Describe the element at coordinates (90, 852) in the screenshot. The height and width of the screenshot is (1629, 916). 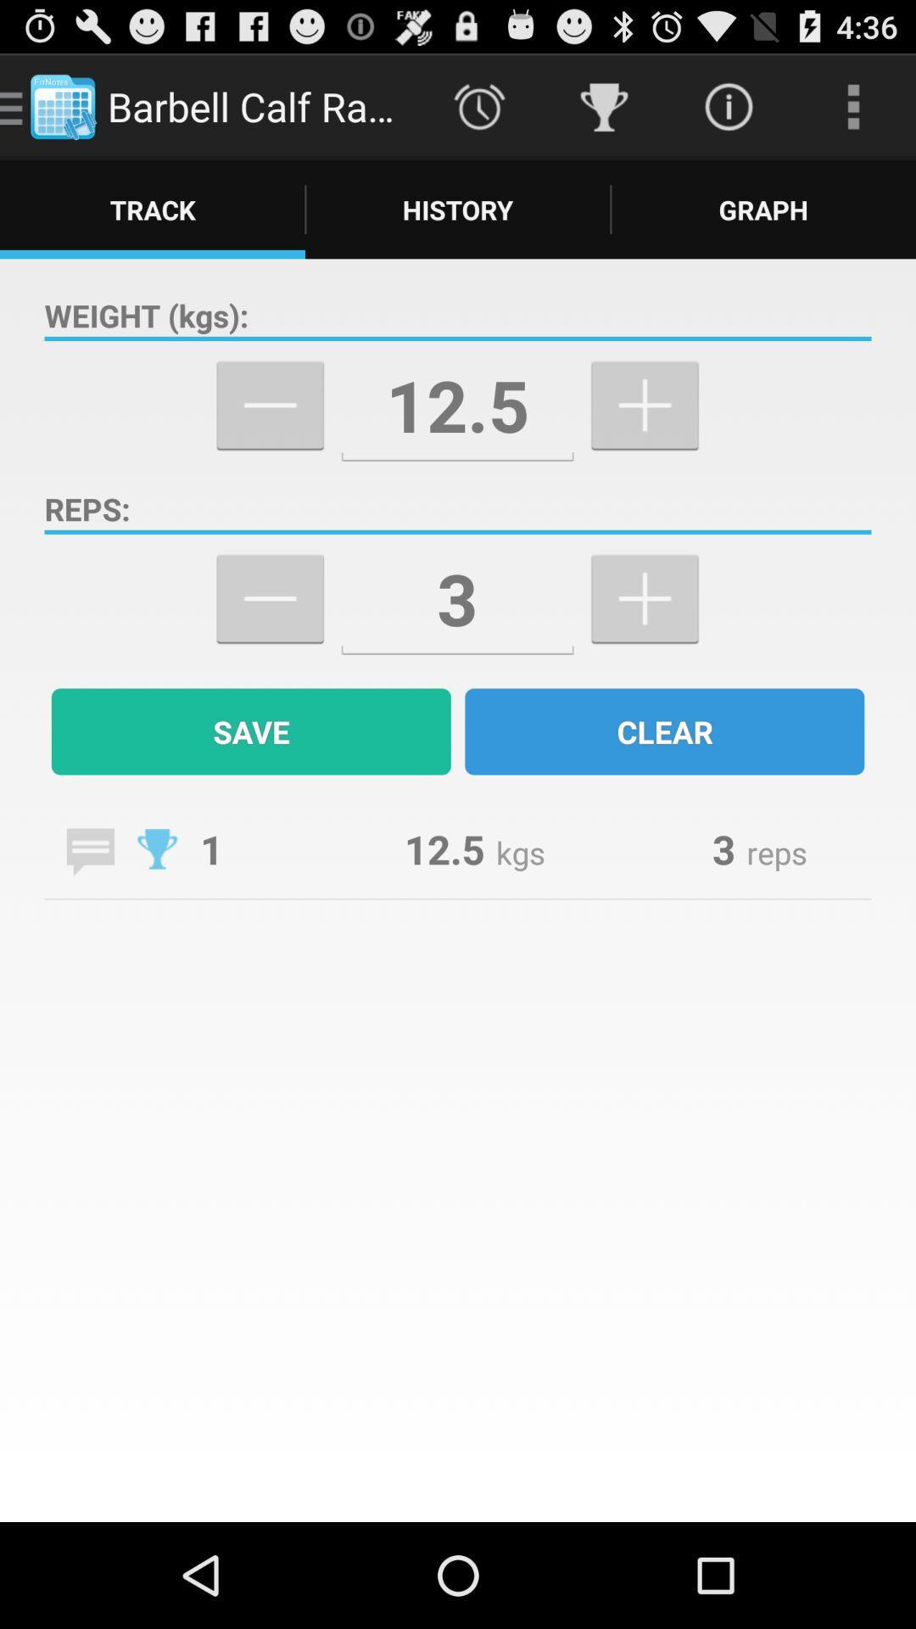
I see `a note` at that location.